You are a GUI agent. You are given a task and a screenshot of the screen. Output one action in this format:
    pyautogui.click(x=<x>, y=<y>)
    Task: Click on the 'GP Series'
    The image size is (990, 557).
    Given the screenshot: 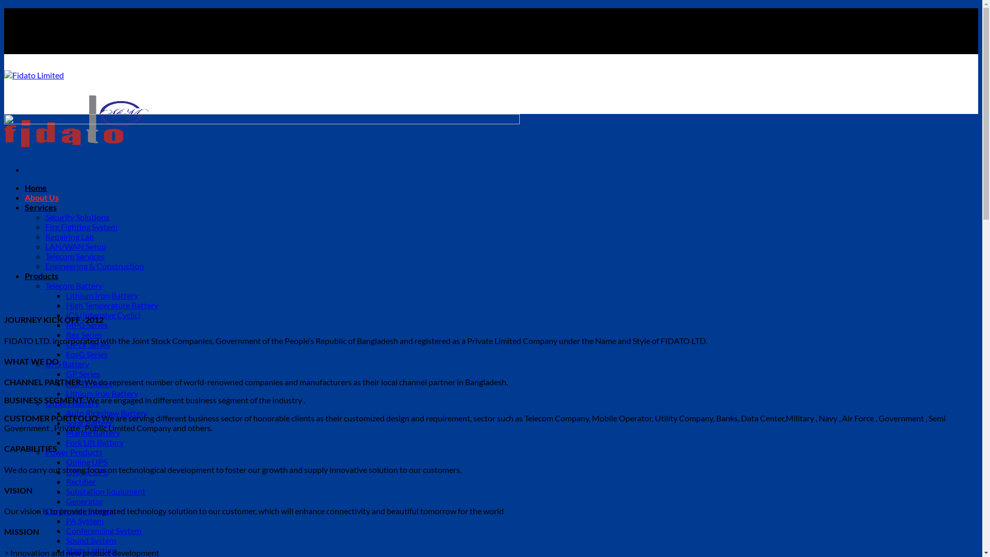 What is the action you would take?
    pyautogui.click(x=65, y=373)
    